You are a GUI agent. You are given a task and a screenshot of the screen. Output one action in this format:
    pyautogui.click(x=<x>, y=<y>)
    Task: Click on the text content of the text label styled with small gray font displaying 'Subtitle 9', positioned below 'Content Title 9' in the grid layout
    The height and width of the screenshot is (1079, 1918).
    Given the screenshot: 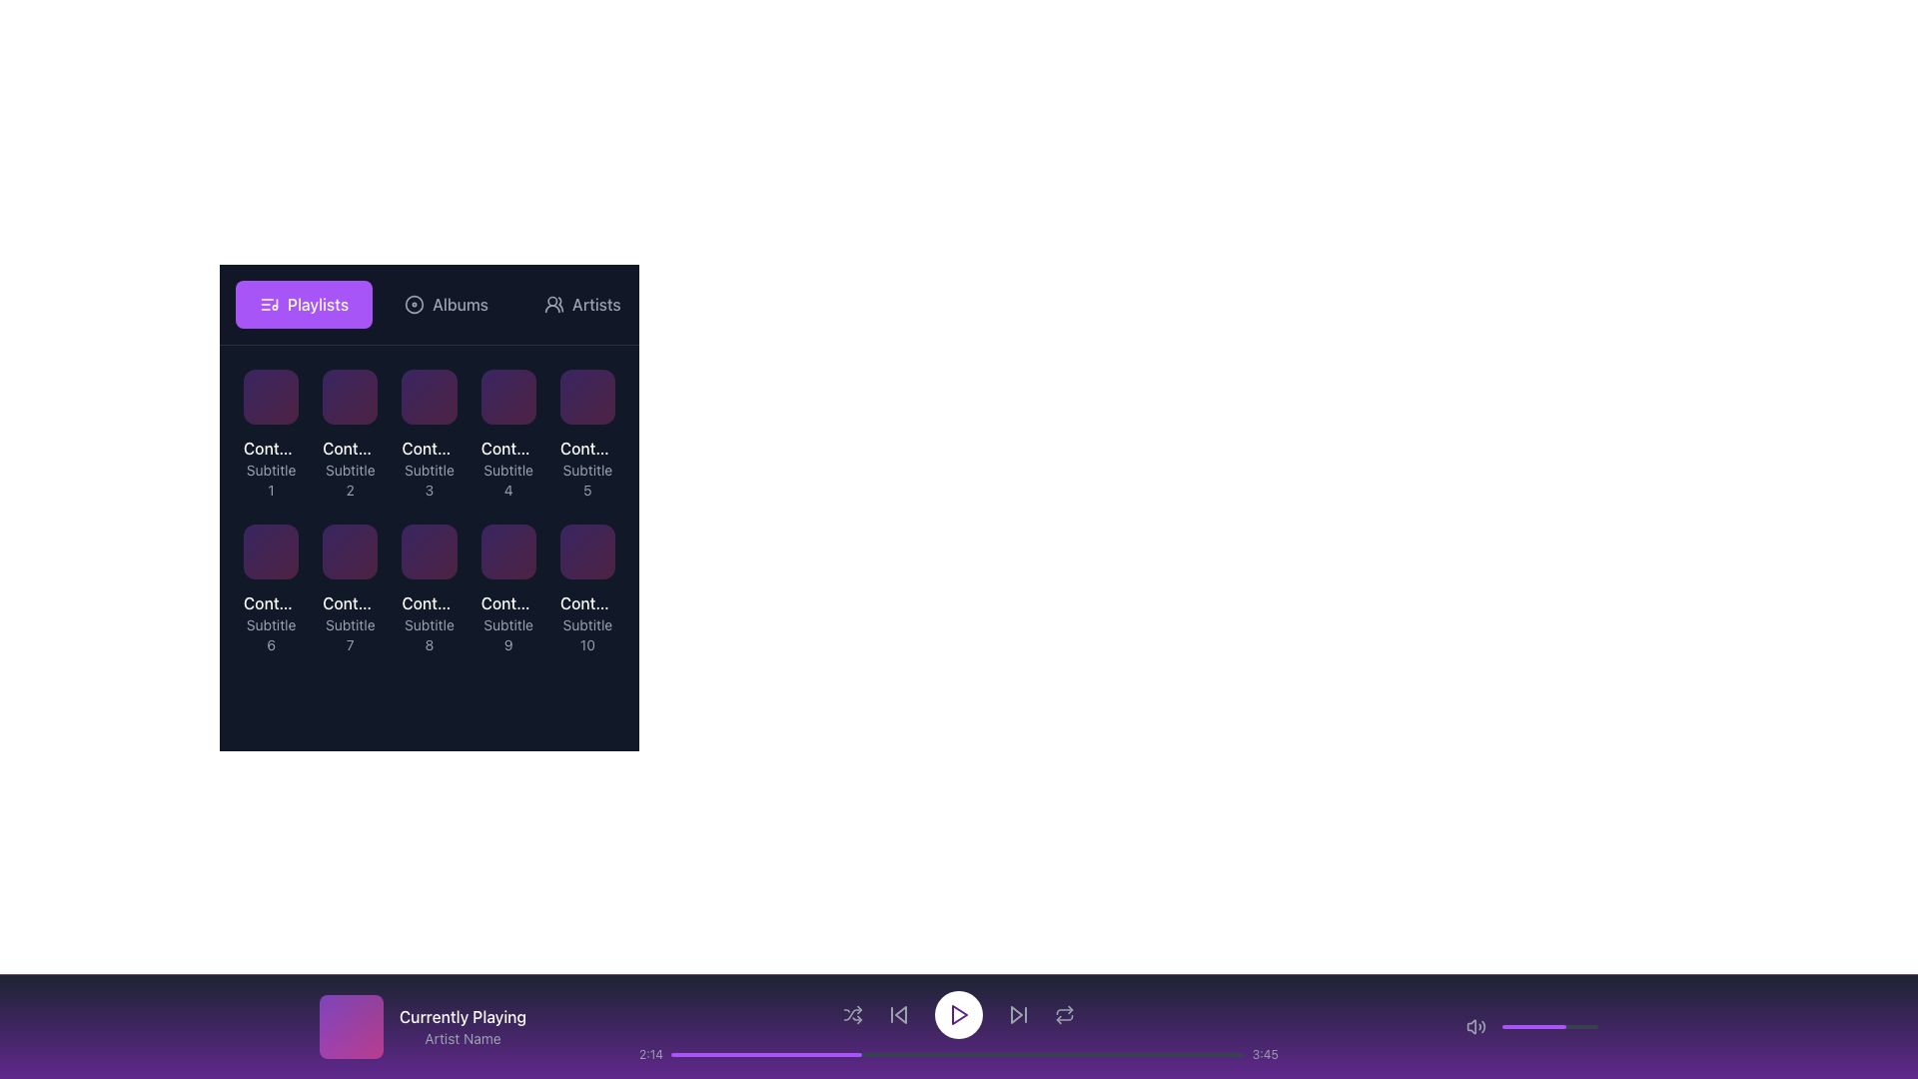 What is the action you would take?
    pyautogui.click(x=508, y=635)
    